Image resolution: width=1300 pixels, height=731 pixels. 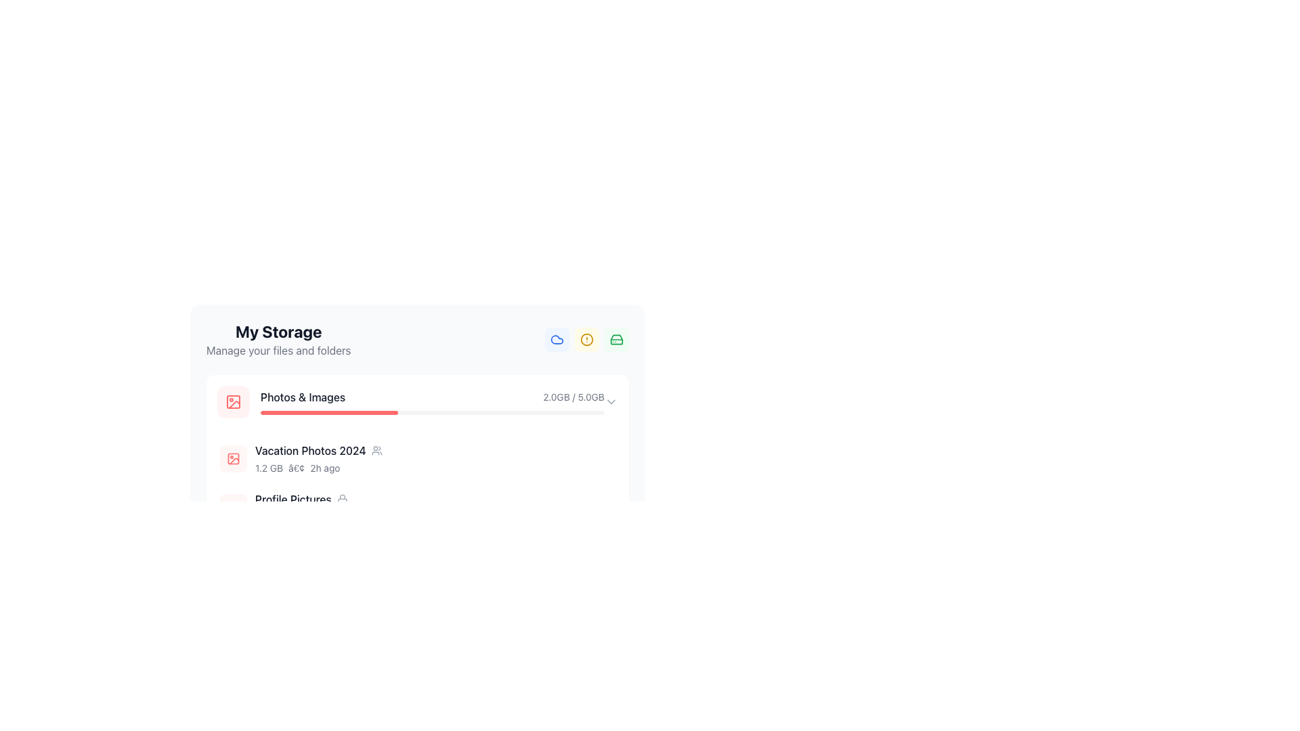 I want to click on the last icon in the row representing a hard drive or storage symbol, which is part of a group of horizontally aligned icons in the top-right corner of the interface, so click(x=616, y=338).